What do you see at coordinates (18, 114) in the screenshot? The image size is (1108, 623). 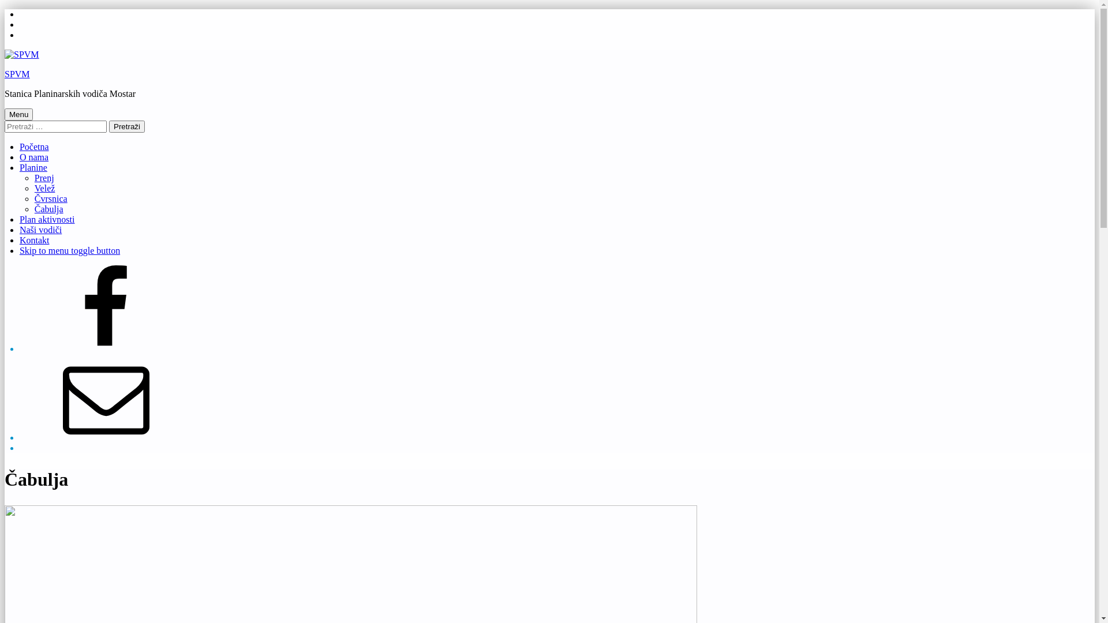 I see `'Menu'` at bounding box center [18, 114].